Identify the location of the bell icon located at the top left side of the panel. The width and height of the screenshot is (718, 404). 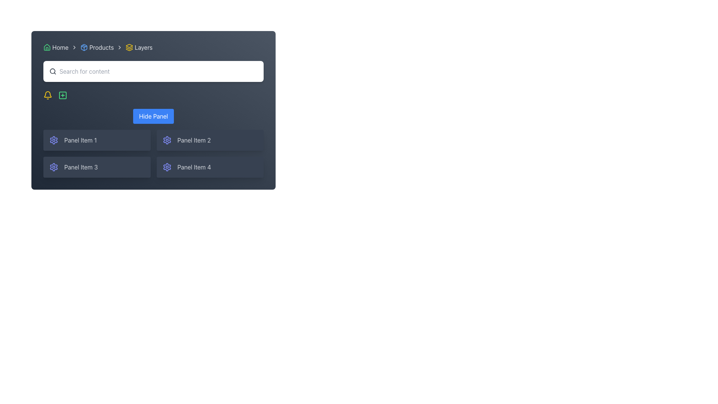
(47, 95).